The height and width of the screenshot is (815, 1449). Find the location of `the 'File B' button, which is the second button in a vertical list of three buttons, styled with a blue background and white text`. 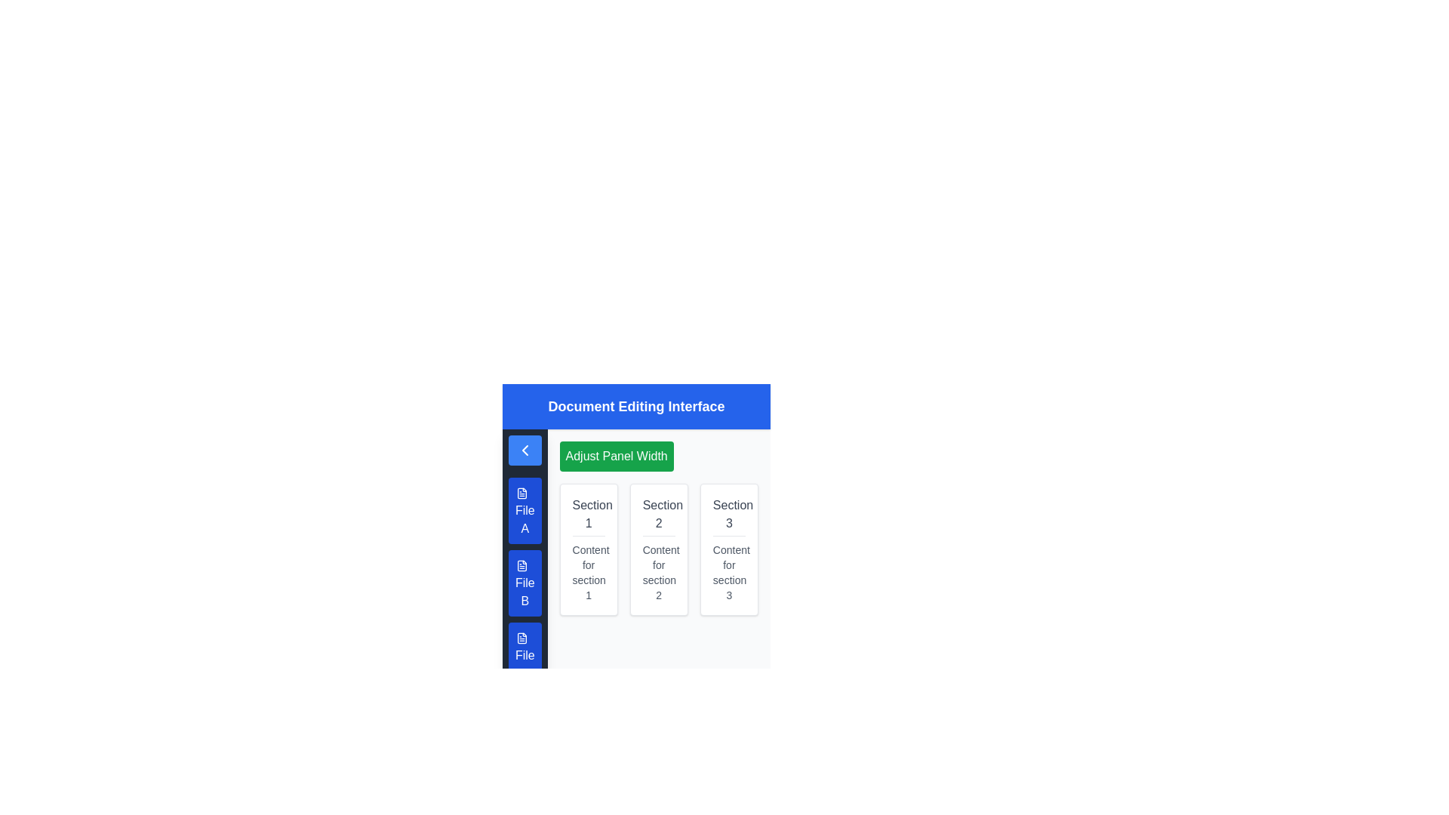

the 'File B' button, which is the second button in a vertical list of three buttons, styled with a blue background and white text is located at coordinates (525, 582).